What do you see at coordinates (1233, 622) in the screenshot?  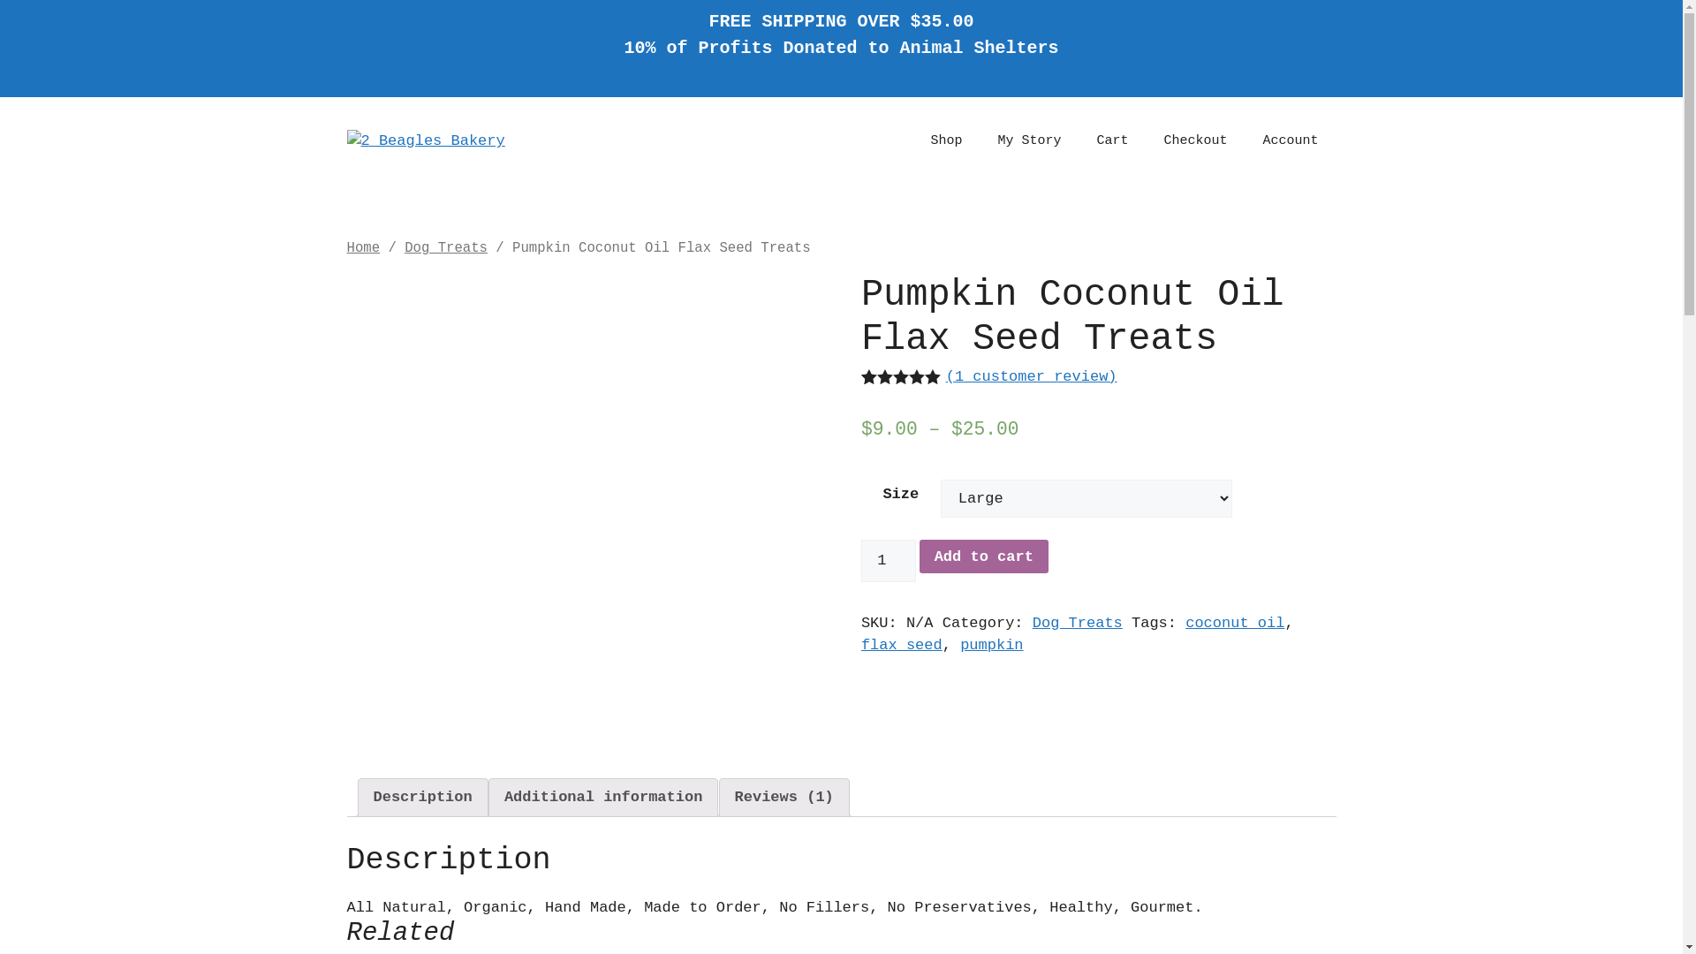 I see `'coconut oil'` at bounding box center [1233, 622].